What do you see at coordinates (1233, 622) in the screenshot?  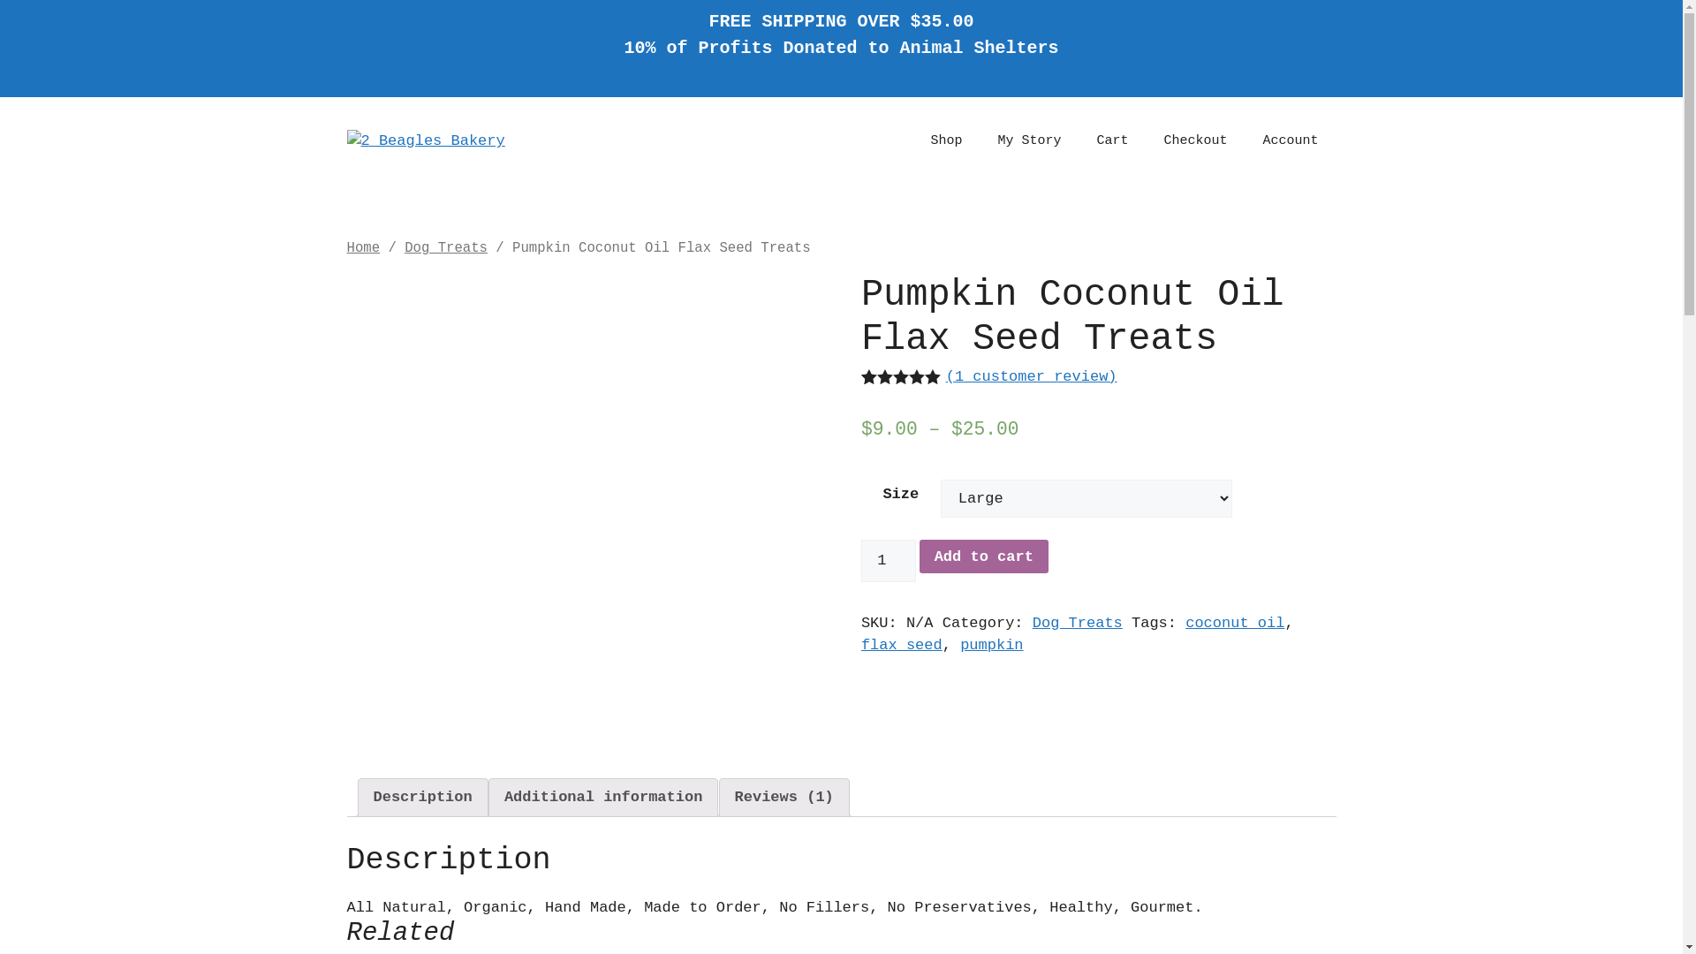 I see `'coconut oil'` at bounding box center [1233, 622].